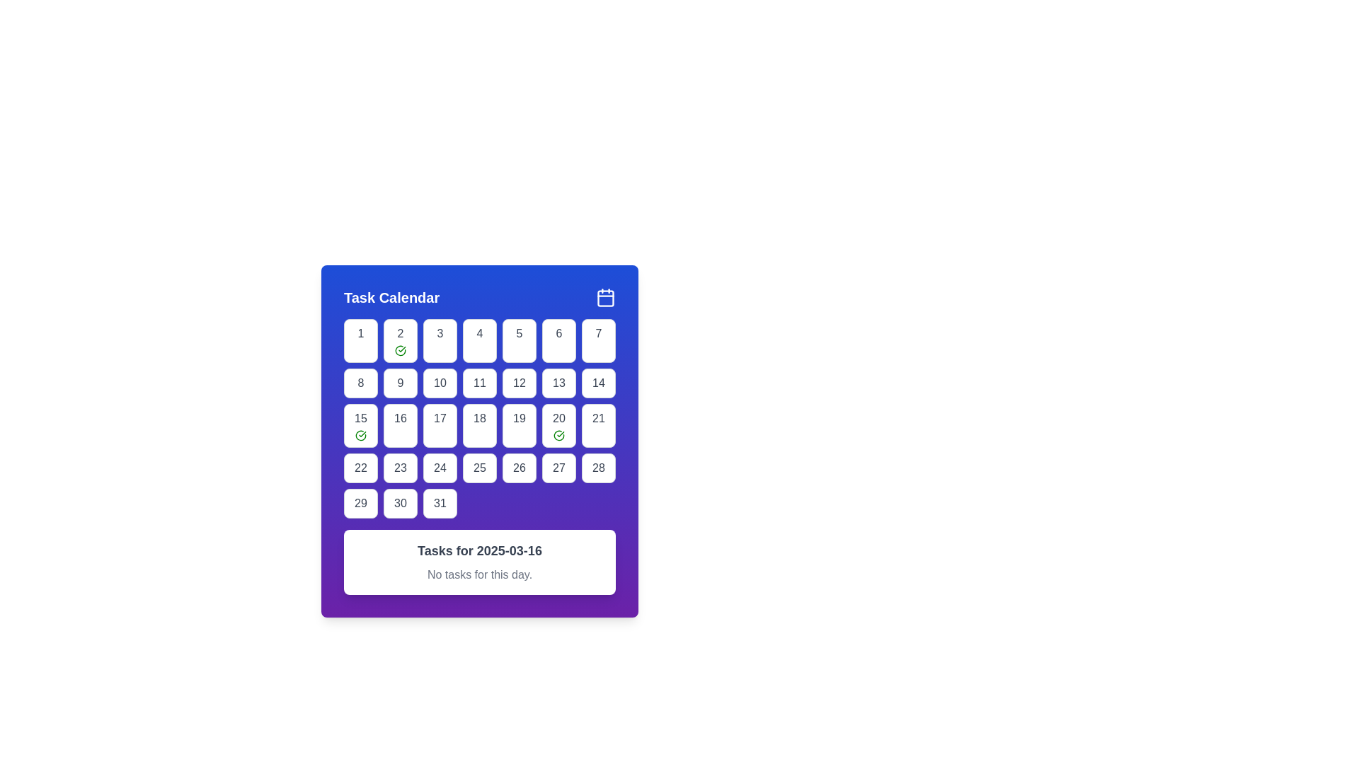 The width and height of the screenshot is (1359, 764). Describe the element at coordinates (519, 468) in the screenshot. I see `the numerical label '26'` at that location.